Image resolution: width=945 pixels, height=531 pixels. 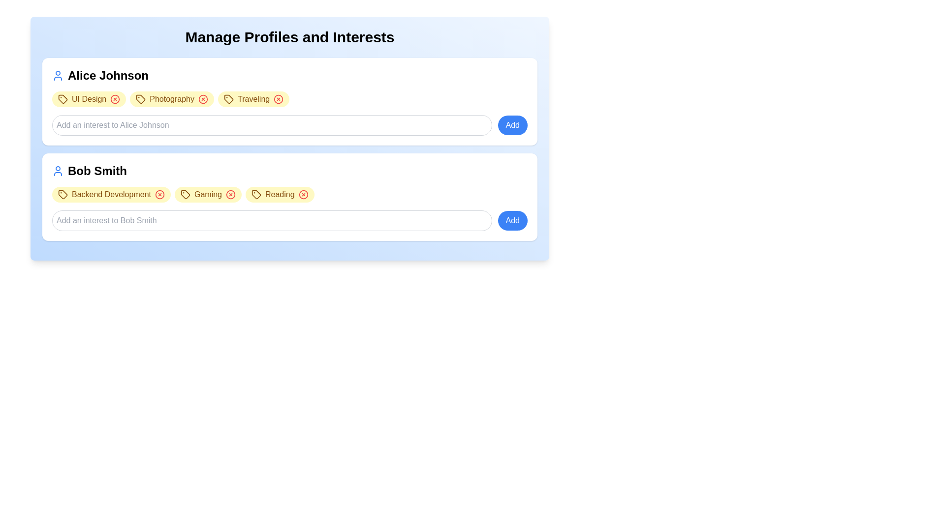 I want to click on the presence of the first icon within the 'Backend Development' interest tag under the 'Bob Smith' profile section, positioned near the left side, so click(x=63, y=195).